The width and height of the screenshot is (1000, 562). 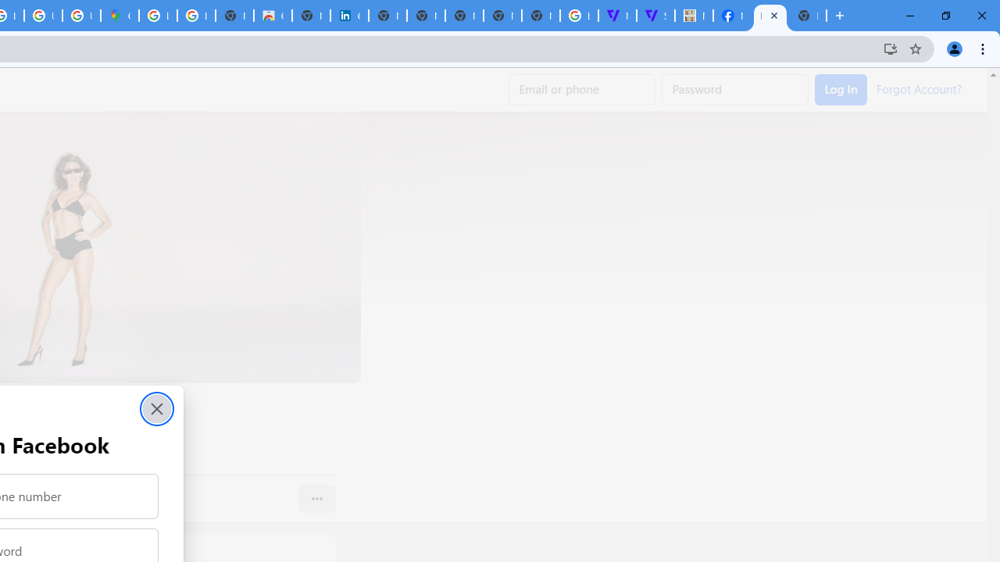 What do you see at coordinates (731, 16) in the screenshot?
I see `'Miley Cyrus | Facebook'` at bounding box center [731, 16].